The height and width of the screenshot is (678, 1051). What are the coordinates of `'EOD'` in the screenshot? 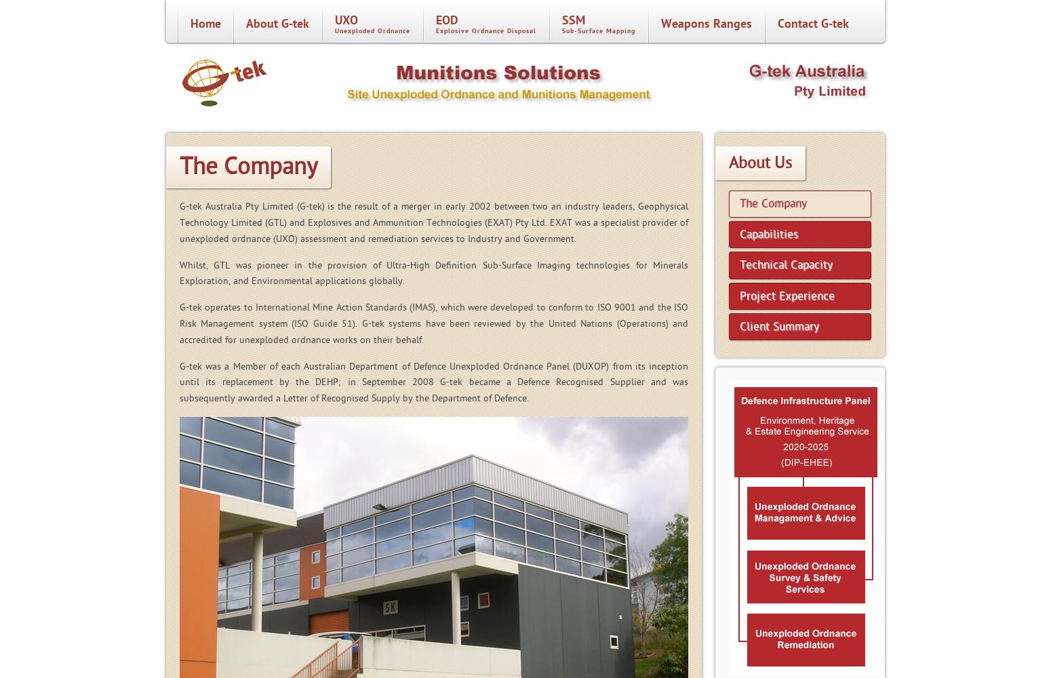 It's located at (446, 20).